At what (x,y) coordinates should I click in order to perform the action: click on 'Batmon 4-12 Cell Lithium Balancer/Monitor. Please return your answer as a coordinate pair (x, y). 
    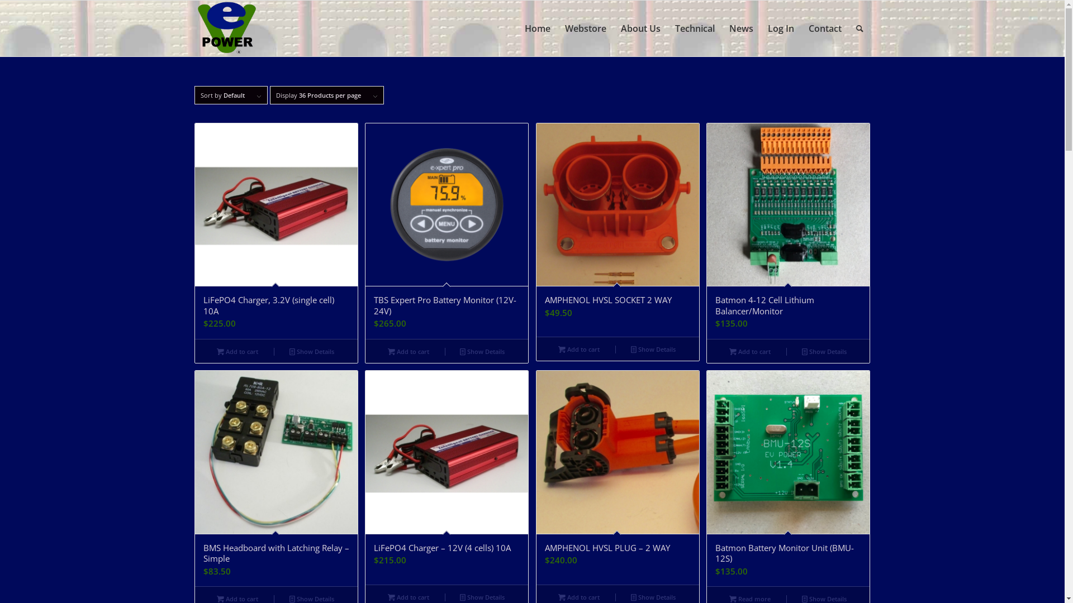
    Looking at the image, I should click on (787, 230).